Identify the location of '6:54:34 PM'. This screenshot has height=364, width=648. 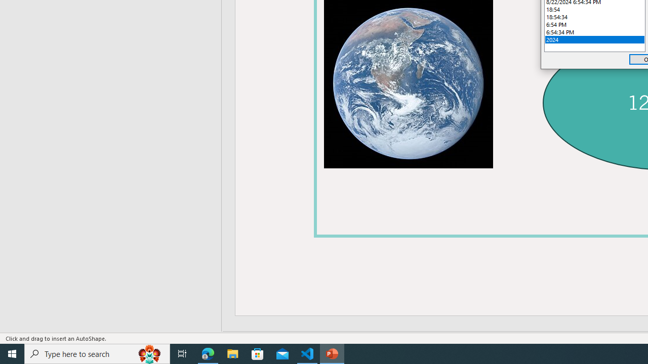
(595, 31).